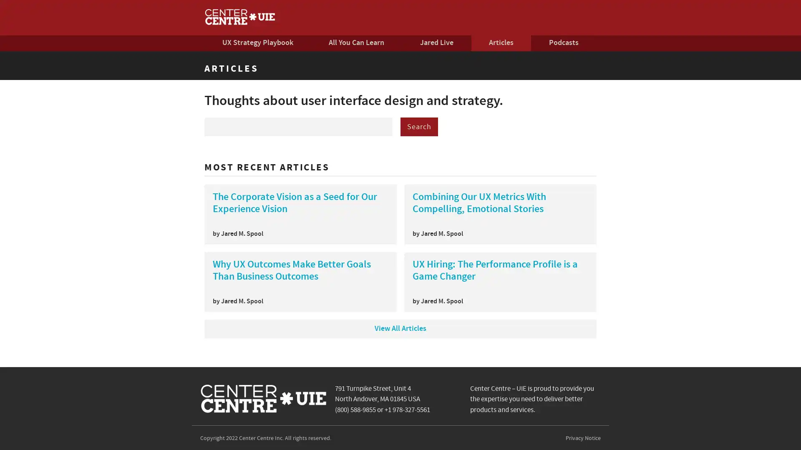 Image resolution: width=801 pixels, height=450 pixels. What do you see at coordinates (419, 130) in the screenshot?
I see `Search` at bounding box center [419, 130].